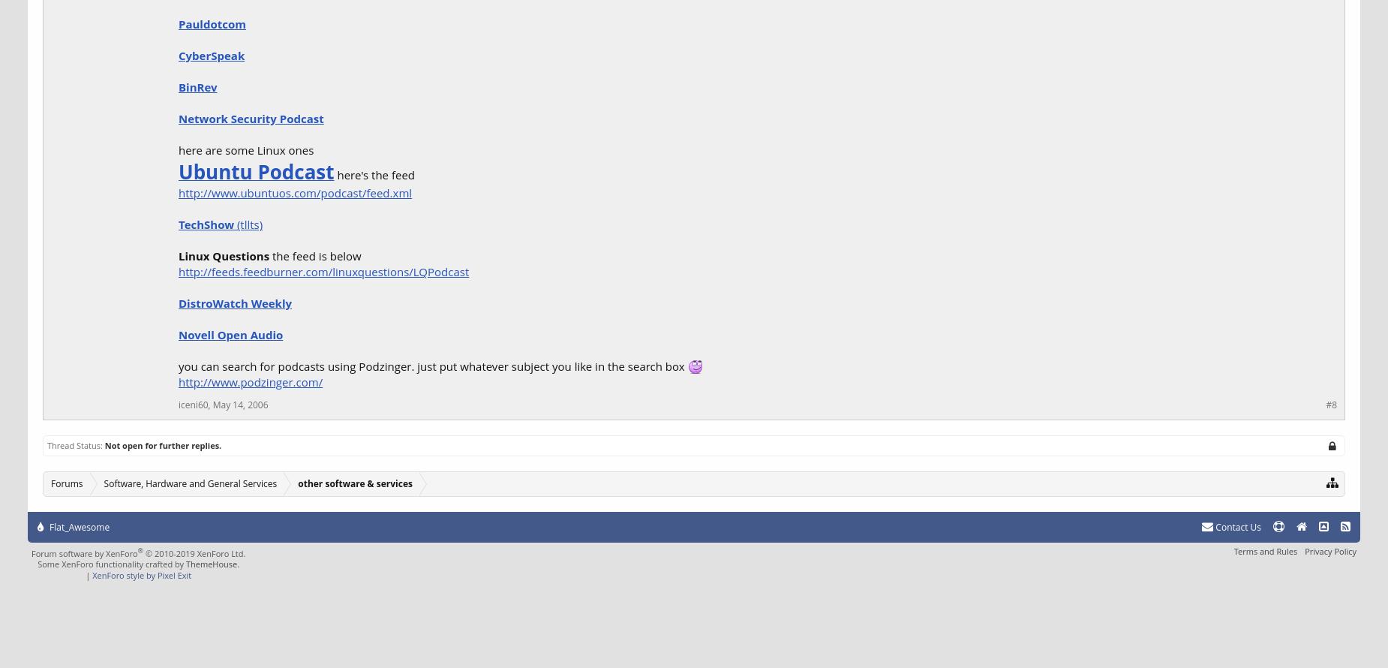 This screenshot has width=1388, height=668. What do you see at coordinates (1331, 404) in the screenshot?
I see `'#8'` at bounding box center [1331, 404].